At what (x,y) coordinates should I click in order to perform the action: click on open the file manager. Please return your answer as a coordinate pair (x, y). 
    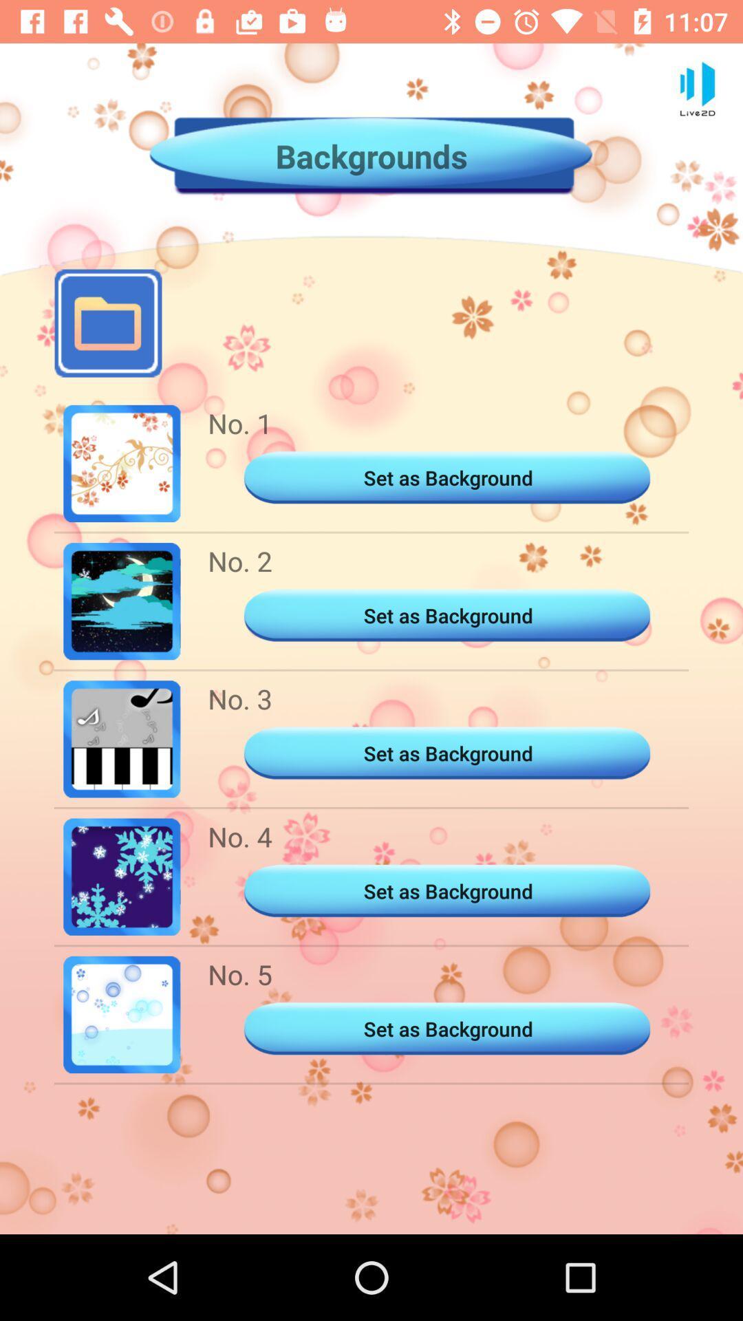
    Looking at the image, I should click on (107, 323).